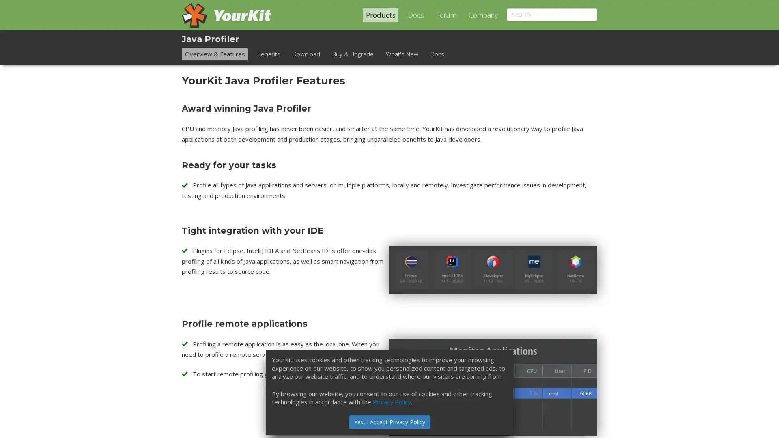  Describe the element at coordinates (389, 421) in the screenshot. I see `Yes, I Accept Privacy Policy` at that location.